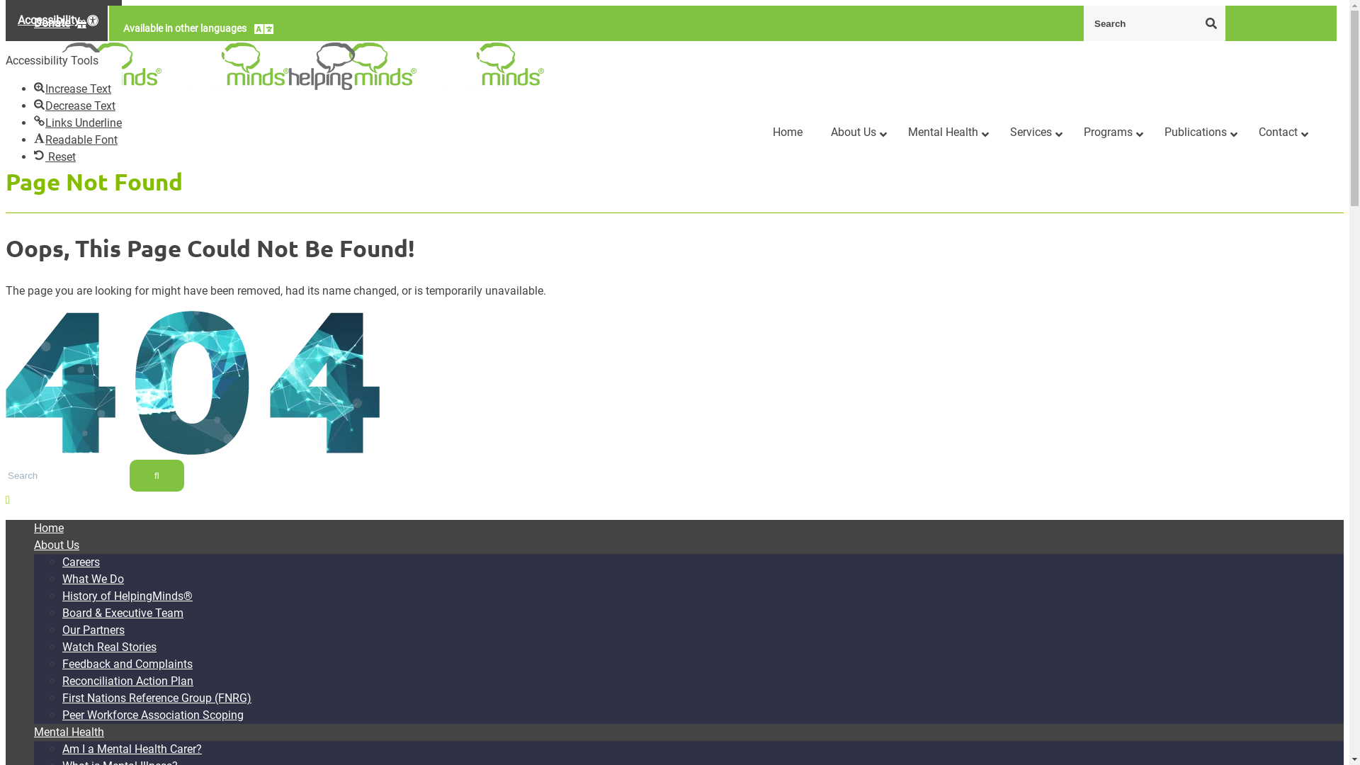 The width and height of the screenshot is (1360, 765). What do you see at coordinates (97, 66) in the screenshot?
I see `'HelpingMinds'` at bounding box center [97, 66].